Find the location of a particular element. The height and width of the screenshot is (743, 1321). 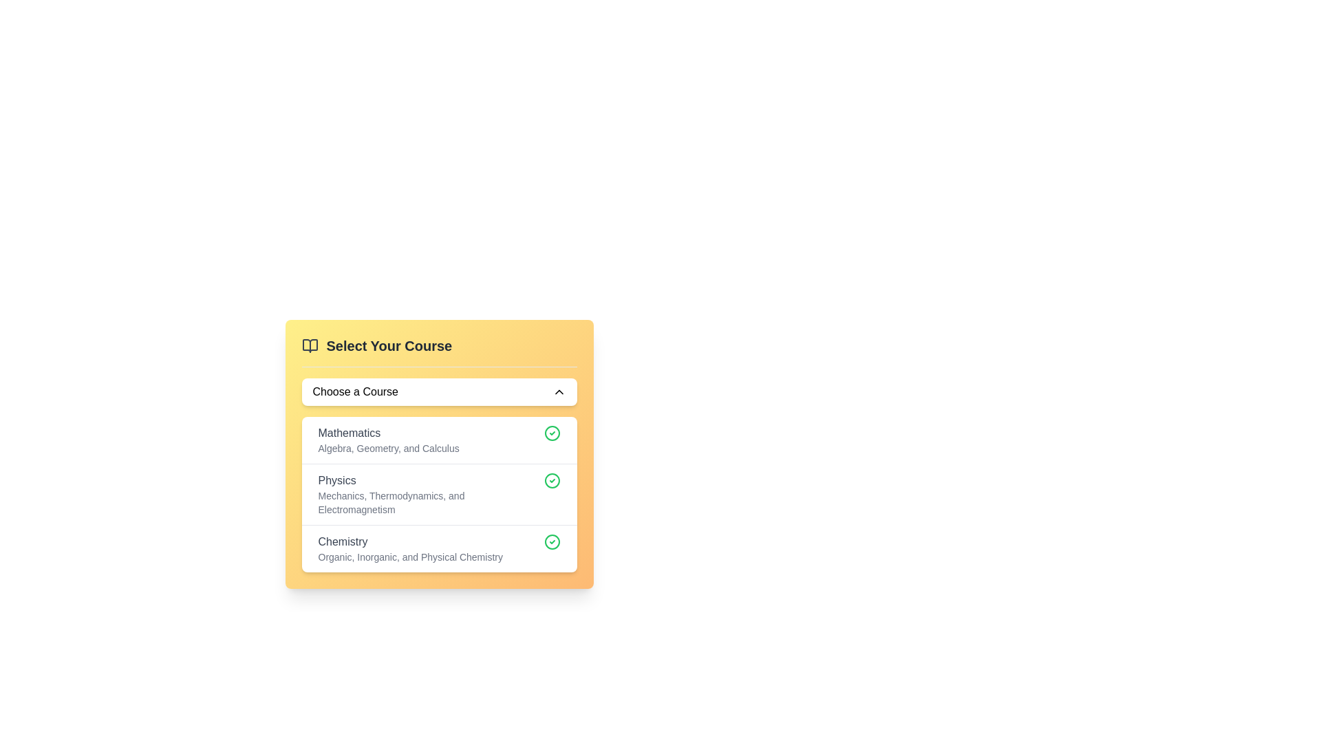

the completion status icon indicating a successful selection for the 'Mathematics Algebra, Geometry, and Calculus' course, located on the right side of the corresponding list item within a yellow card interface is located at coordinates (552, 432).